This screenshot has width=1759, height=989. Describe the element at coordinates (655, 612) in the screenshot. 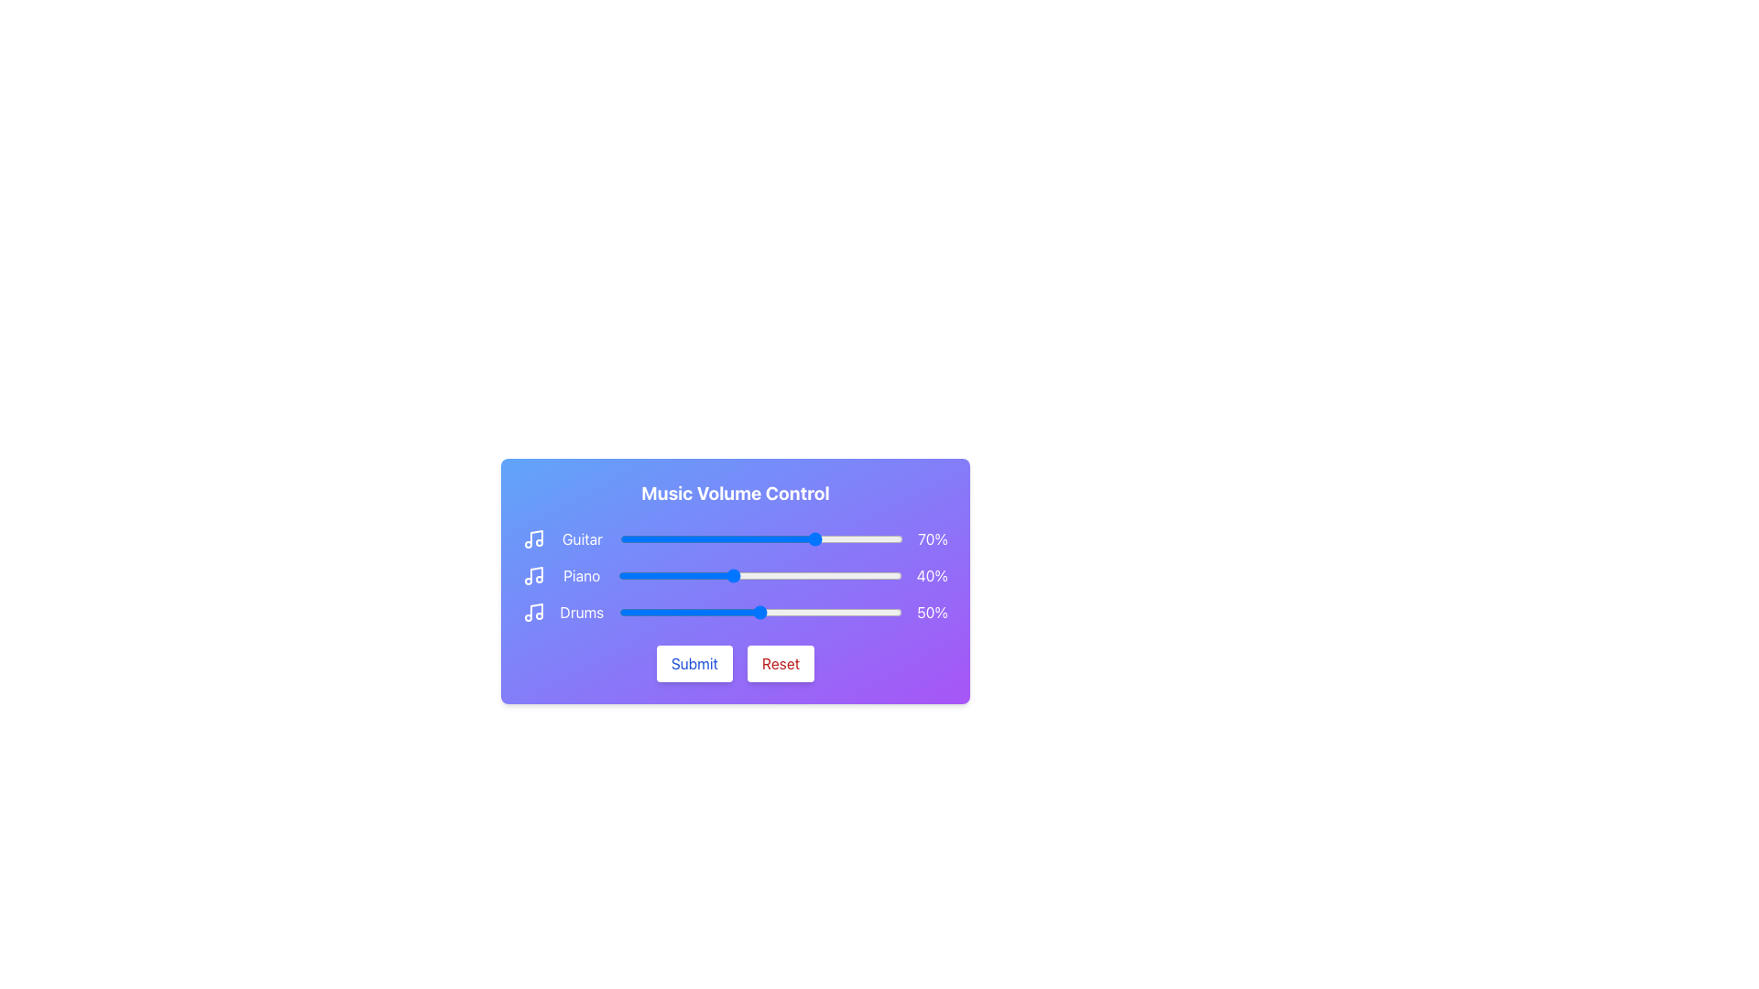

I see `the volume` at that location.